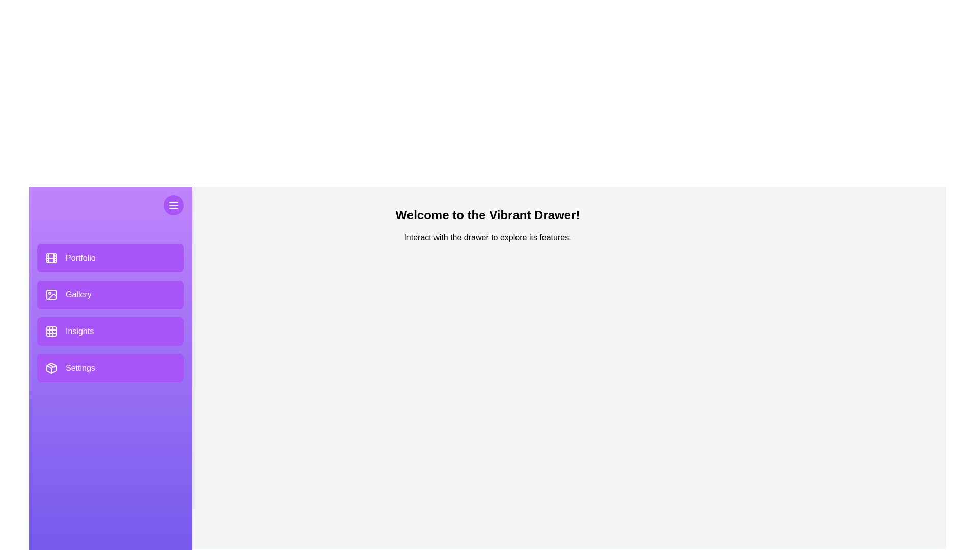  What do you see at coordinates (110, 257) in the screenshot?
I see `the 'Portfolio' button to navigate to its section` at bounding box center [110, 257].